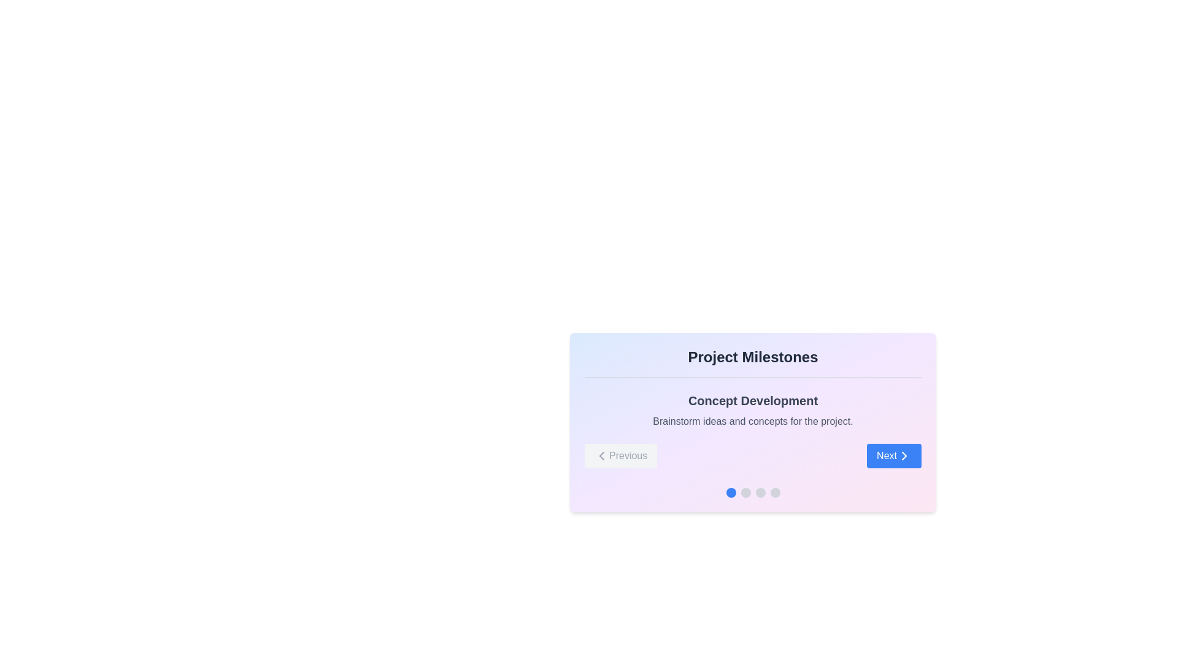 Image resolution: width=1178 pixels, height=662 pixels. Describe the element at coordinates (752, 411) in the screenshot. I see `the 'Concept Development' text block, which has a bold dark gray title and a smaller lighter gray description, positioned below the 'Project Milestones' header` at that location.